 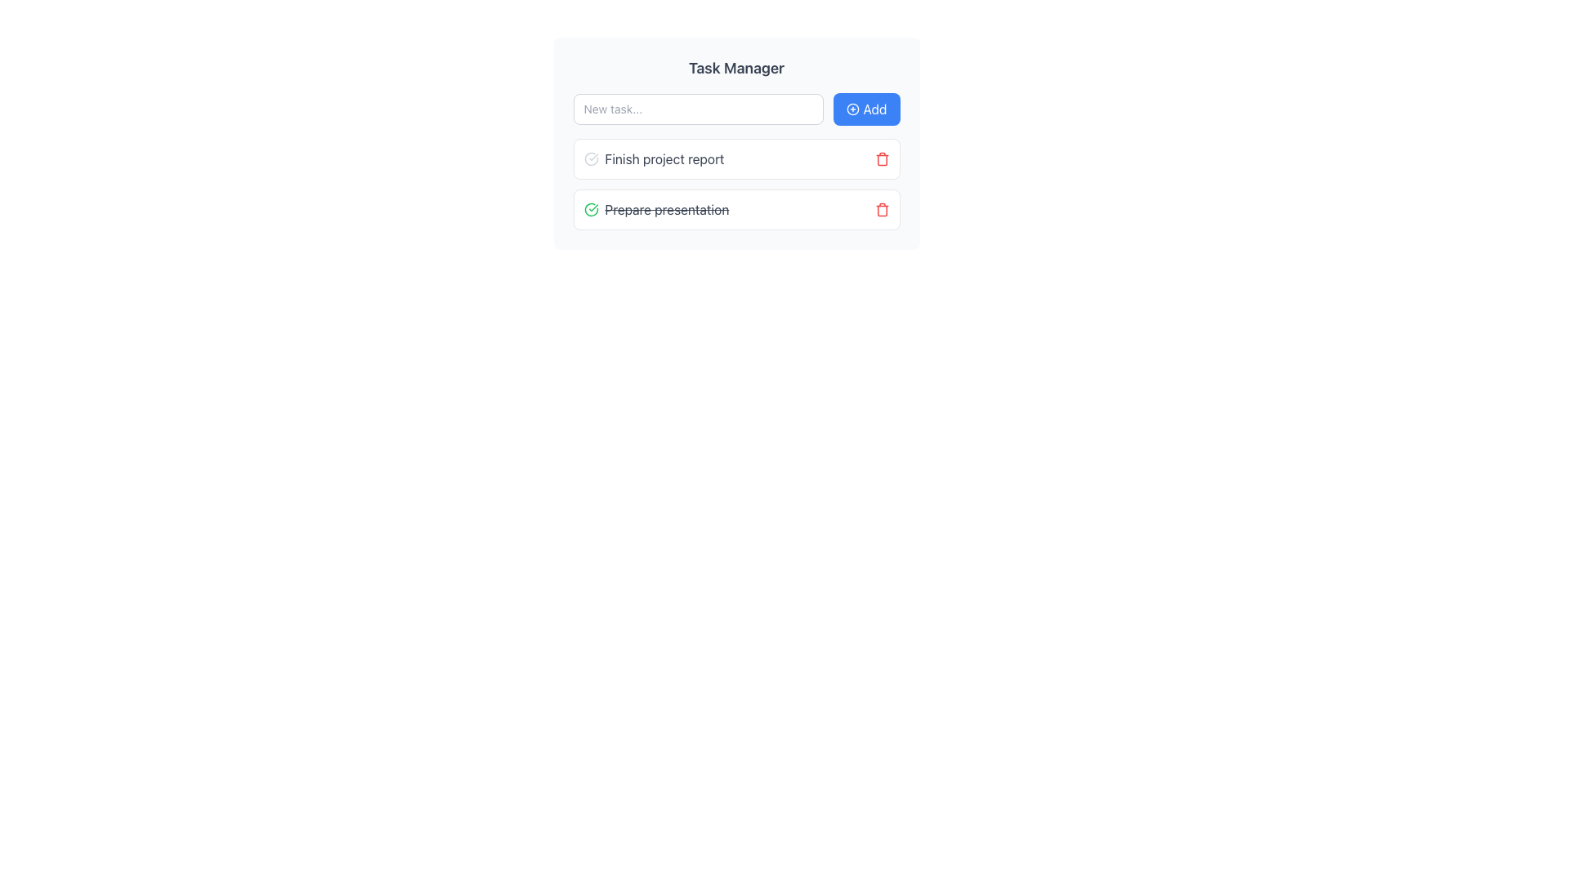 I want to click on the text label reading 'Finish project report' which has a check mark icon to its left, located under the 'Task Manager' header, so click(x=654, y=159).